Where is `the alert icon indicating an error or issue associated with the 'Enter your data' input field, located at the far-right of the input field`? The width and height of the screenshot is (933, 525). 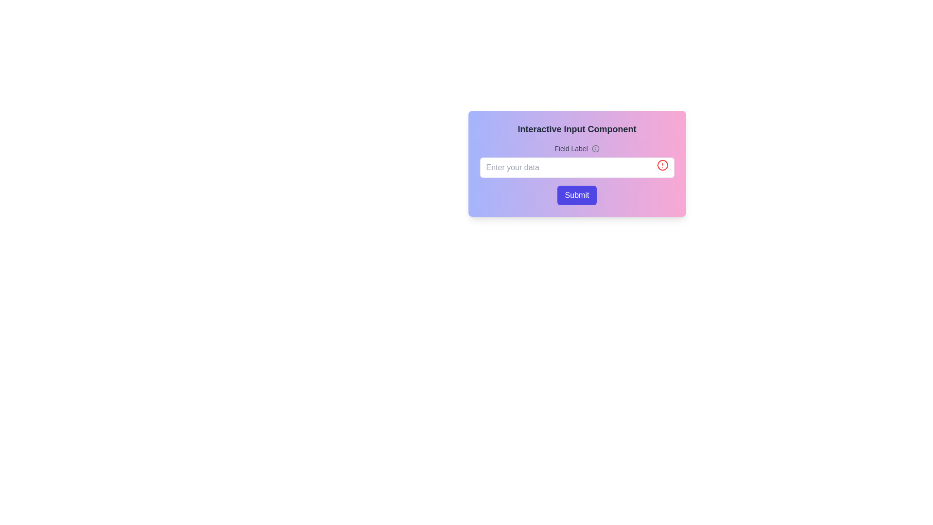
the alert icon indicating an error or issue associated with the 'Enter your data' input field, located at the far-right of the input field is located at coordinates (662, 164).